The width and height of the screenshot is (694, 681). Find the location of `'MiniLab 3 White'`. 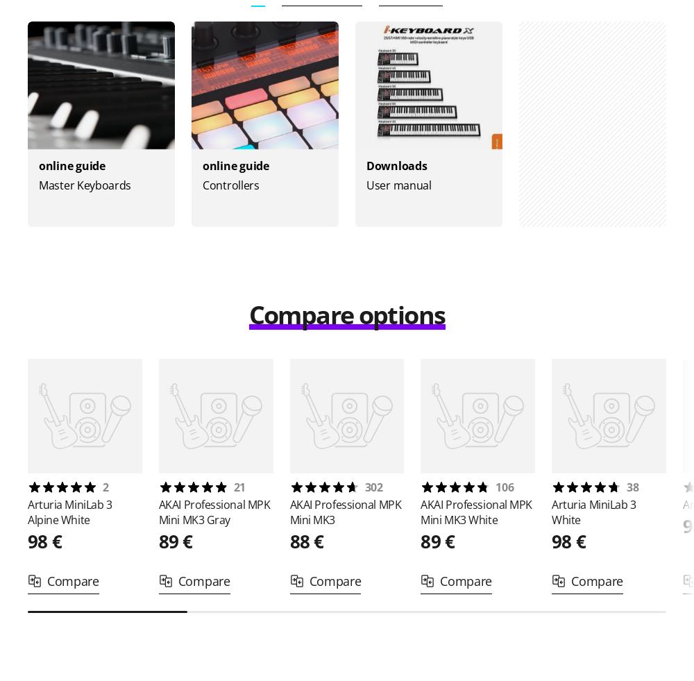

'MiniLab 3 White' is located at coordinates (593, 512).